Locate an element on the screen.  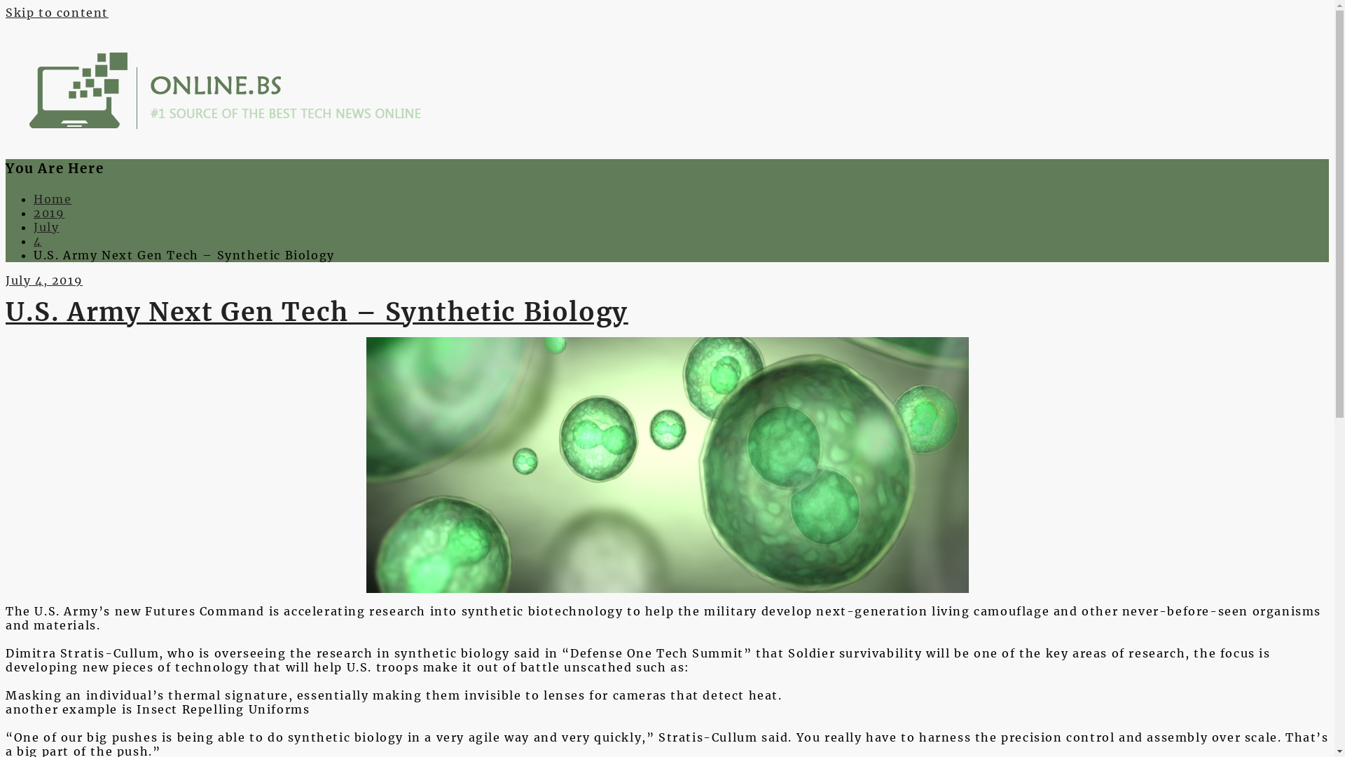
'July' is located at coordinates (46, 226).